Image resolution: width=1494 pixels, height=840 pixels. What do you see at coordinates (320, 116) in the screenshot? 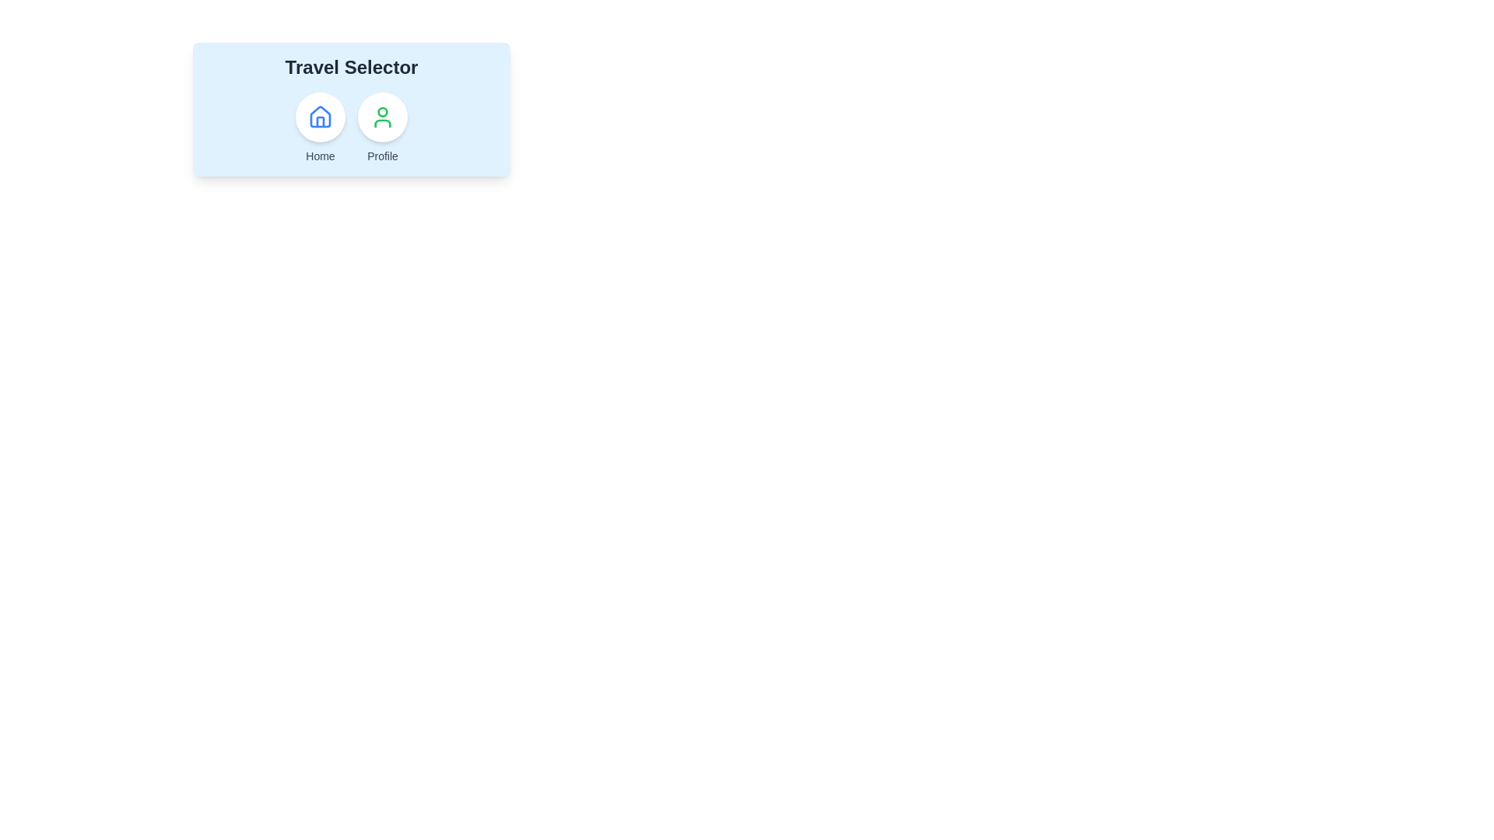
I see `the leftmost circular Icon button with a white background and blue house icon, which is styled to appear floating under the 'Home' label` at bounding box center [320, 116].